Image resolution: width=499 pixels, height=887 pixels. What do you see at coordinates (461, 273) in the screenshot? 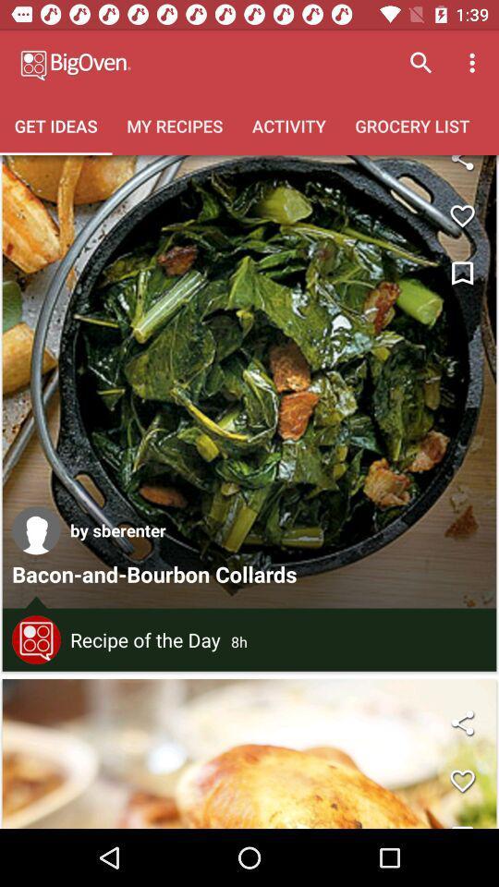
I see `bookmark recipe` at bounding box center [461, 273].